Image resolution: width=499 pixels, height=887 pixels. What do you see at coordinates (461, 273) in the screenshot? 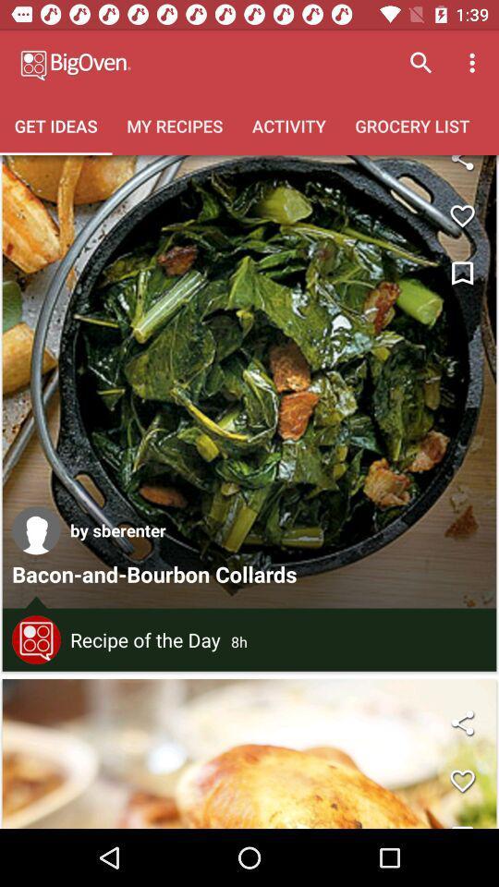
I see `bookmark recipe` at bounding box center [461, 273].